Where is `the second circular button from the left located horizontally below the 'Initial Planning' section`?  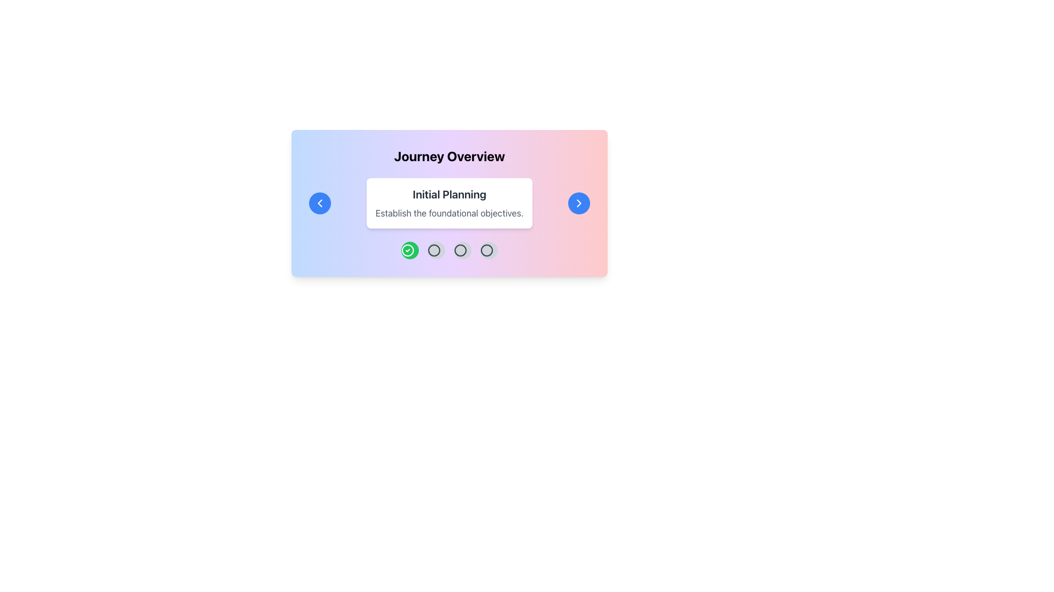 the second circular button from the left located horizontally below the 'Initial Planning' section is located at coordinates (436, 250).